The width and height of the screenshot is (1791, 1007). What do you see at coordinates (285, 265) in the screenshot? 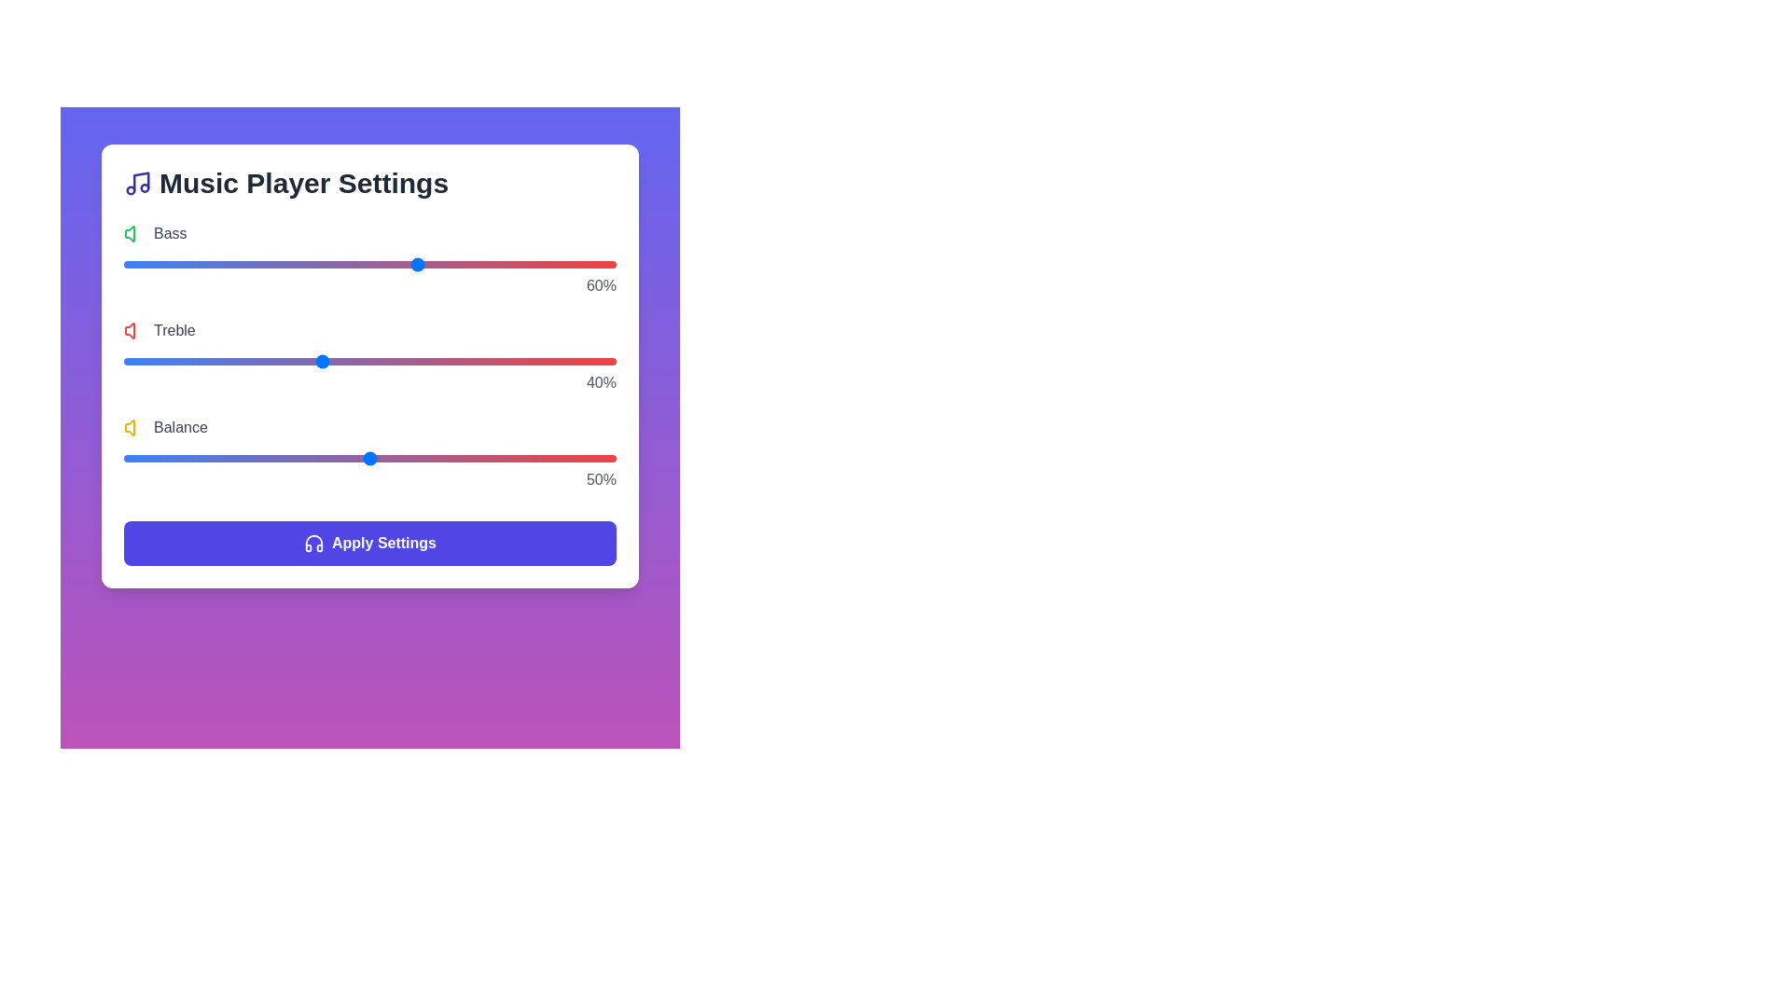
I see `the 0 slider to 33%` at bounding box center [285, 265].